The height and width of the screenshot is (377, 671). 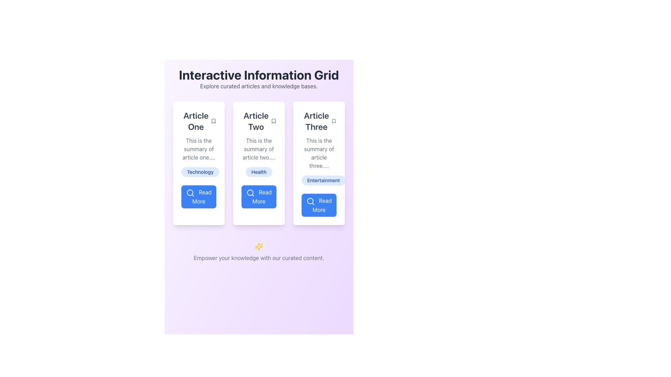 What do you see at coordinates (310, 201) in the screenshot?
I see `the circular magnifying glass icon within the button at the bottom of the third column titled 'Article Three'` at bounding box center [310, 201].